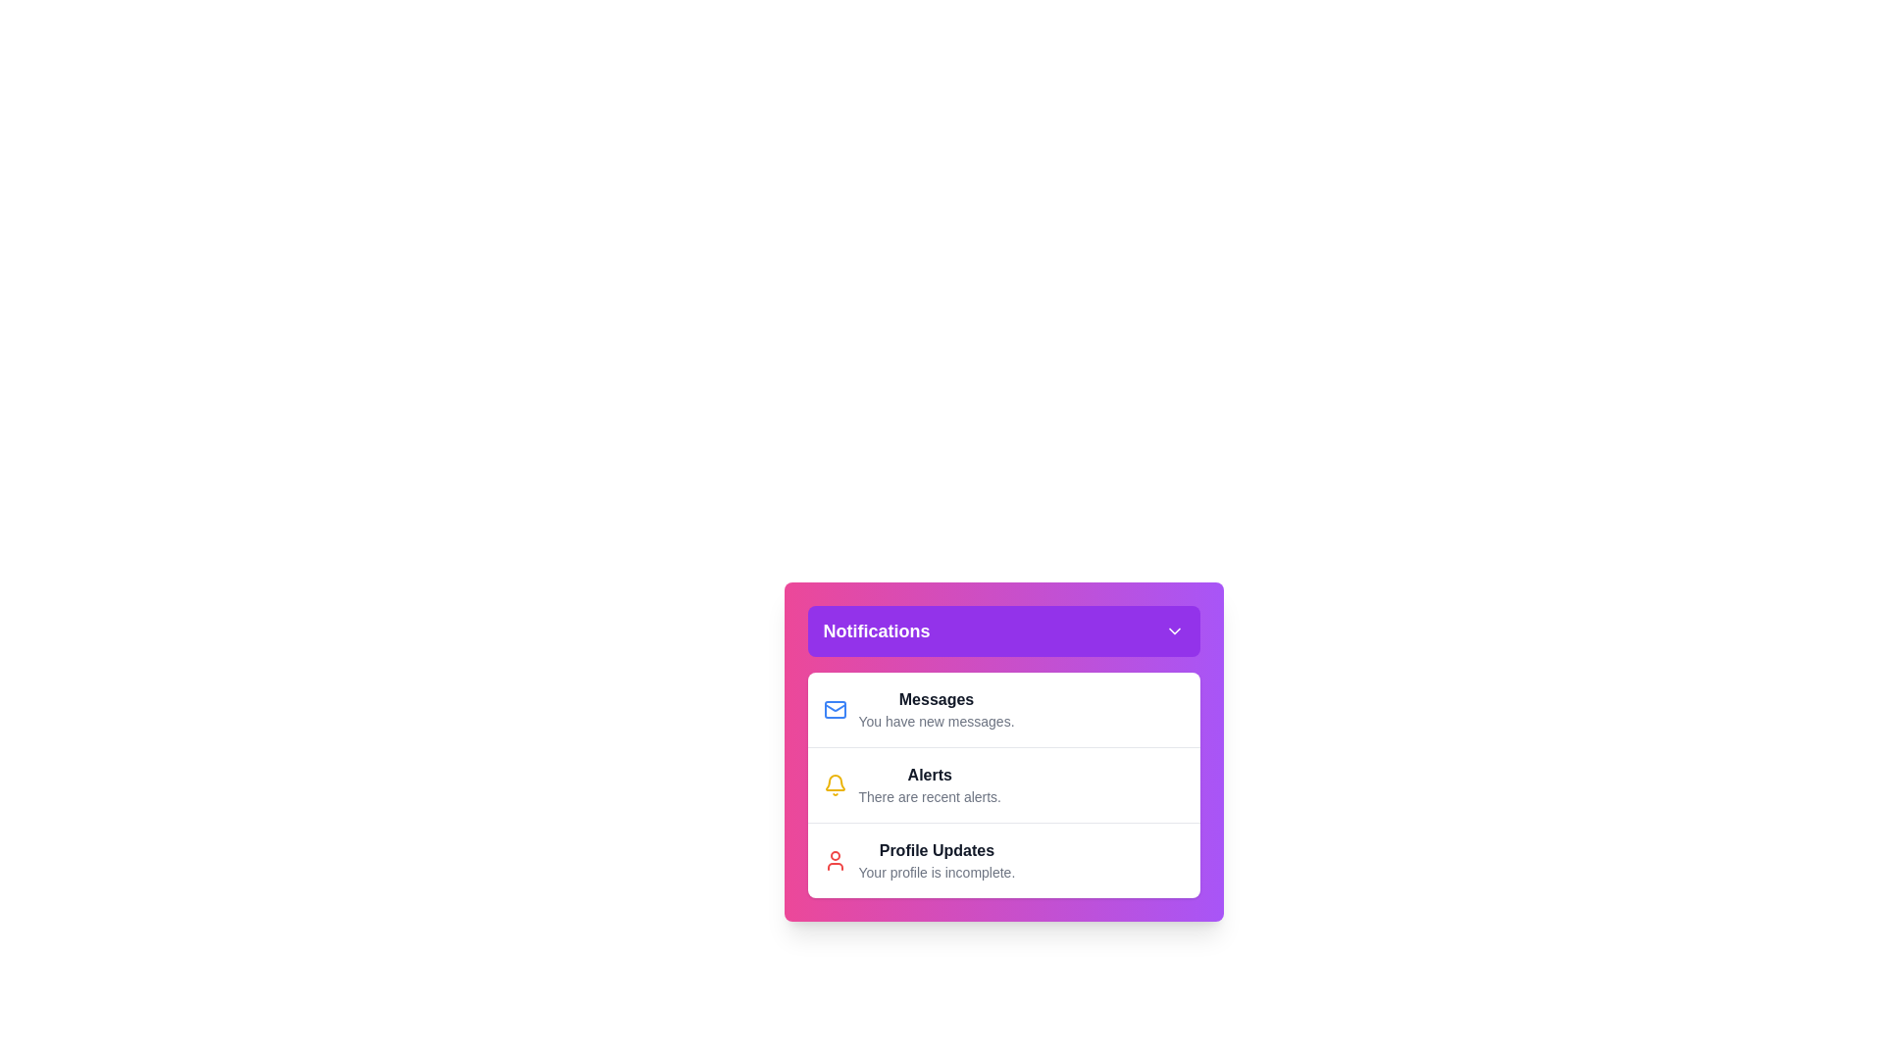  What do you see at coordinates (936, 698) in the screenshot?
I see `the Text Label indicating the content category for messages in the notification panel, positioned under 'Notifications' and above 'You have new messages'` at bounding box center [936, 698].